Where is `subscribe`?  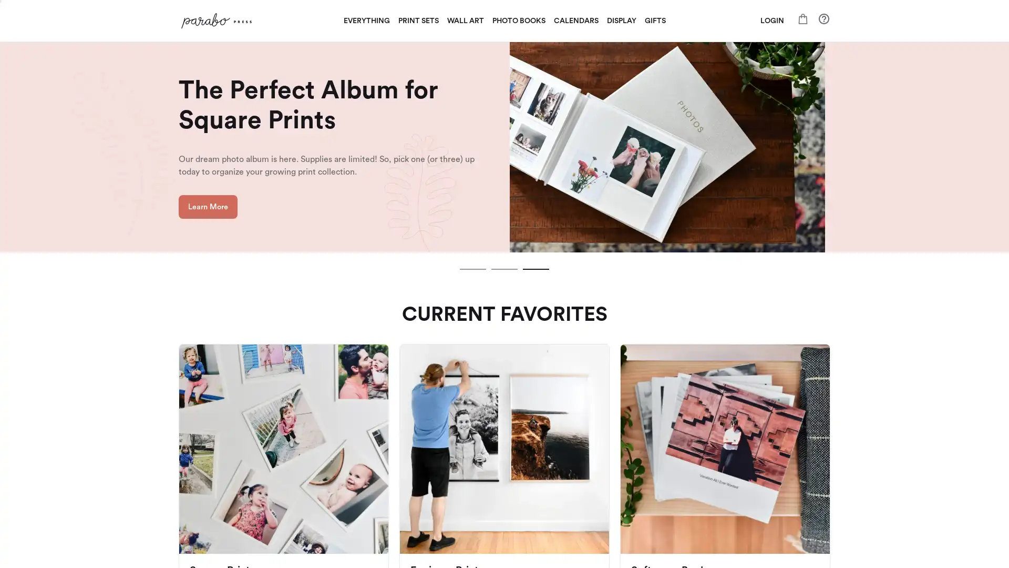
subscribe is located at coordinates (577, 405).